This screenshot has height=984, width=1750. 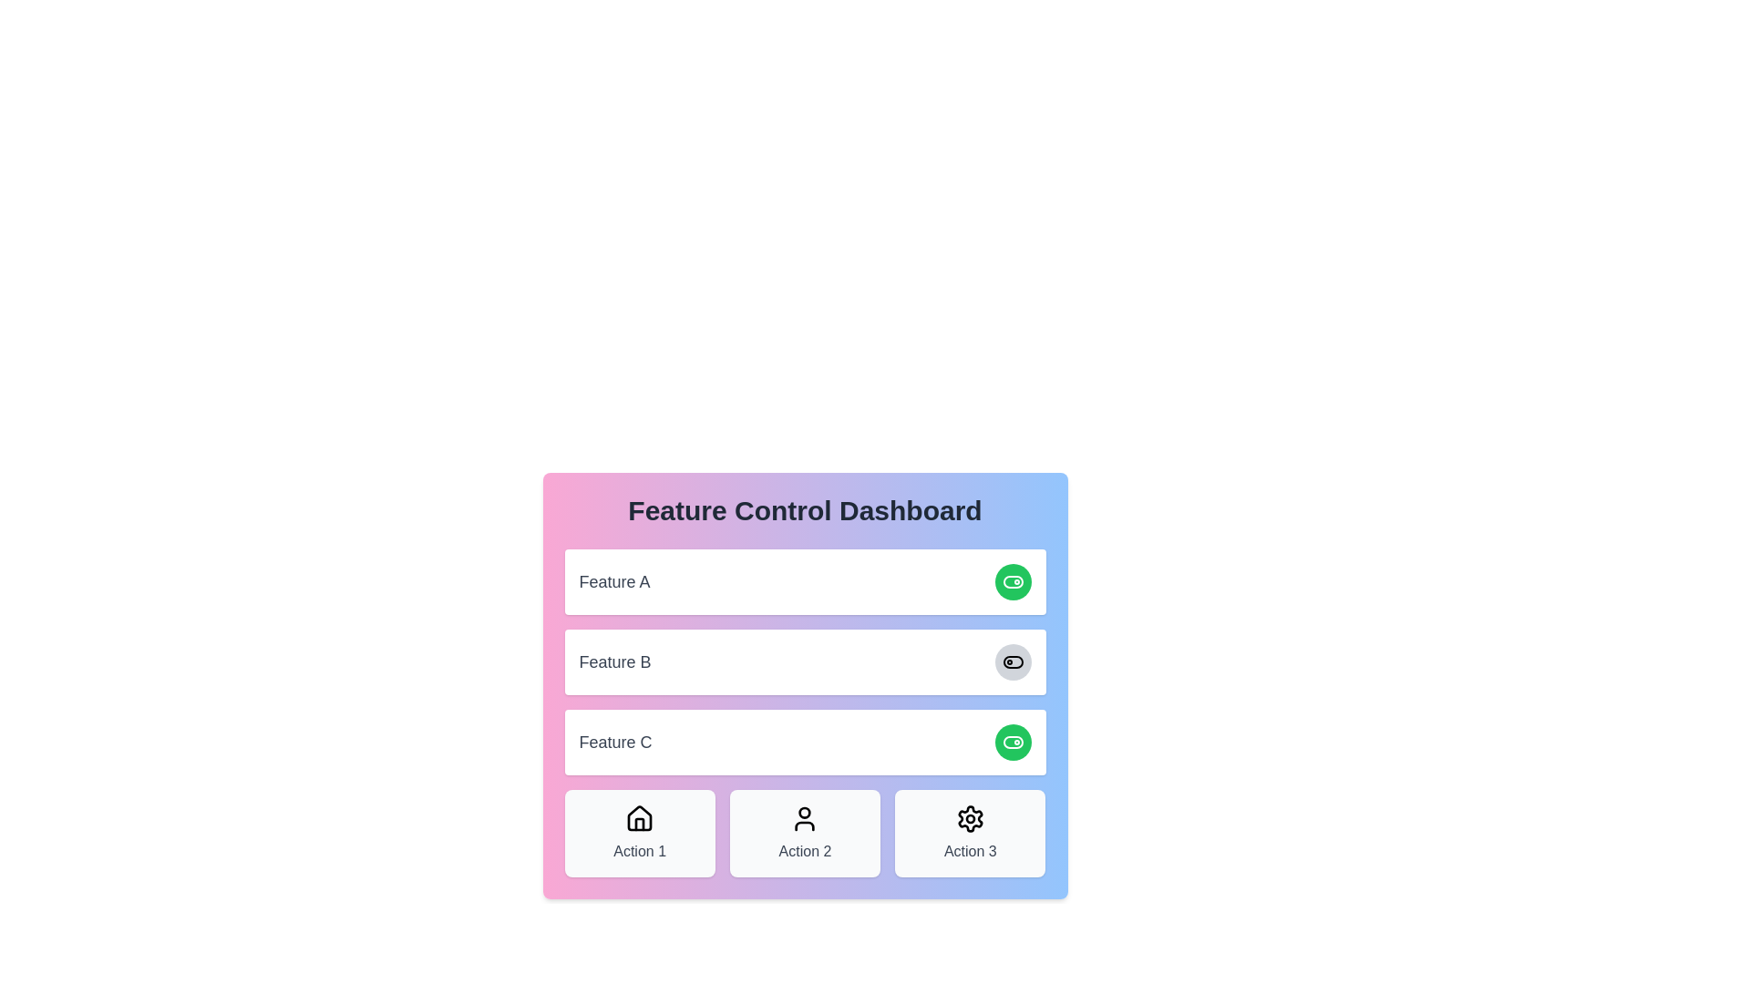 What do you see at coordinates (614, 582) in the screenshot?
I see `the Text label that describes the feature section, specifically the label containing 'Feature A'` at bounding box center [614, 582].